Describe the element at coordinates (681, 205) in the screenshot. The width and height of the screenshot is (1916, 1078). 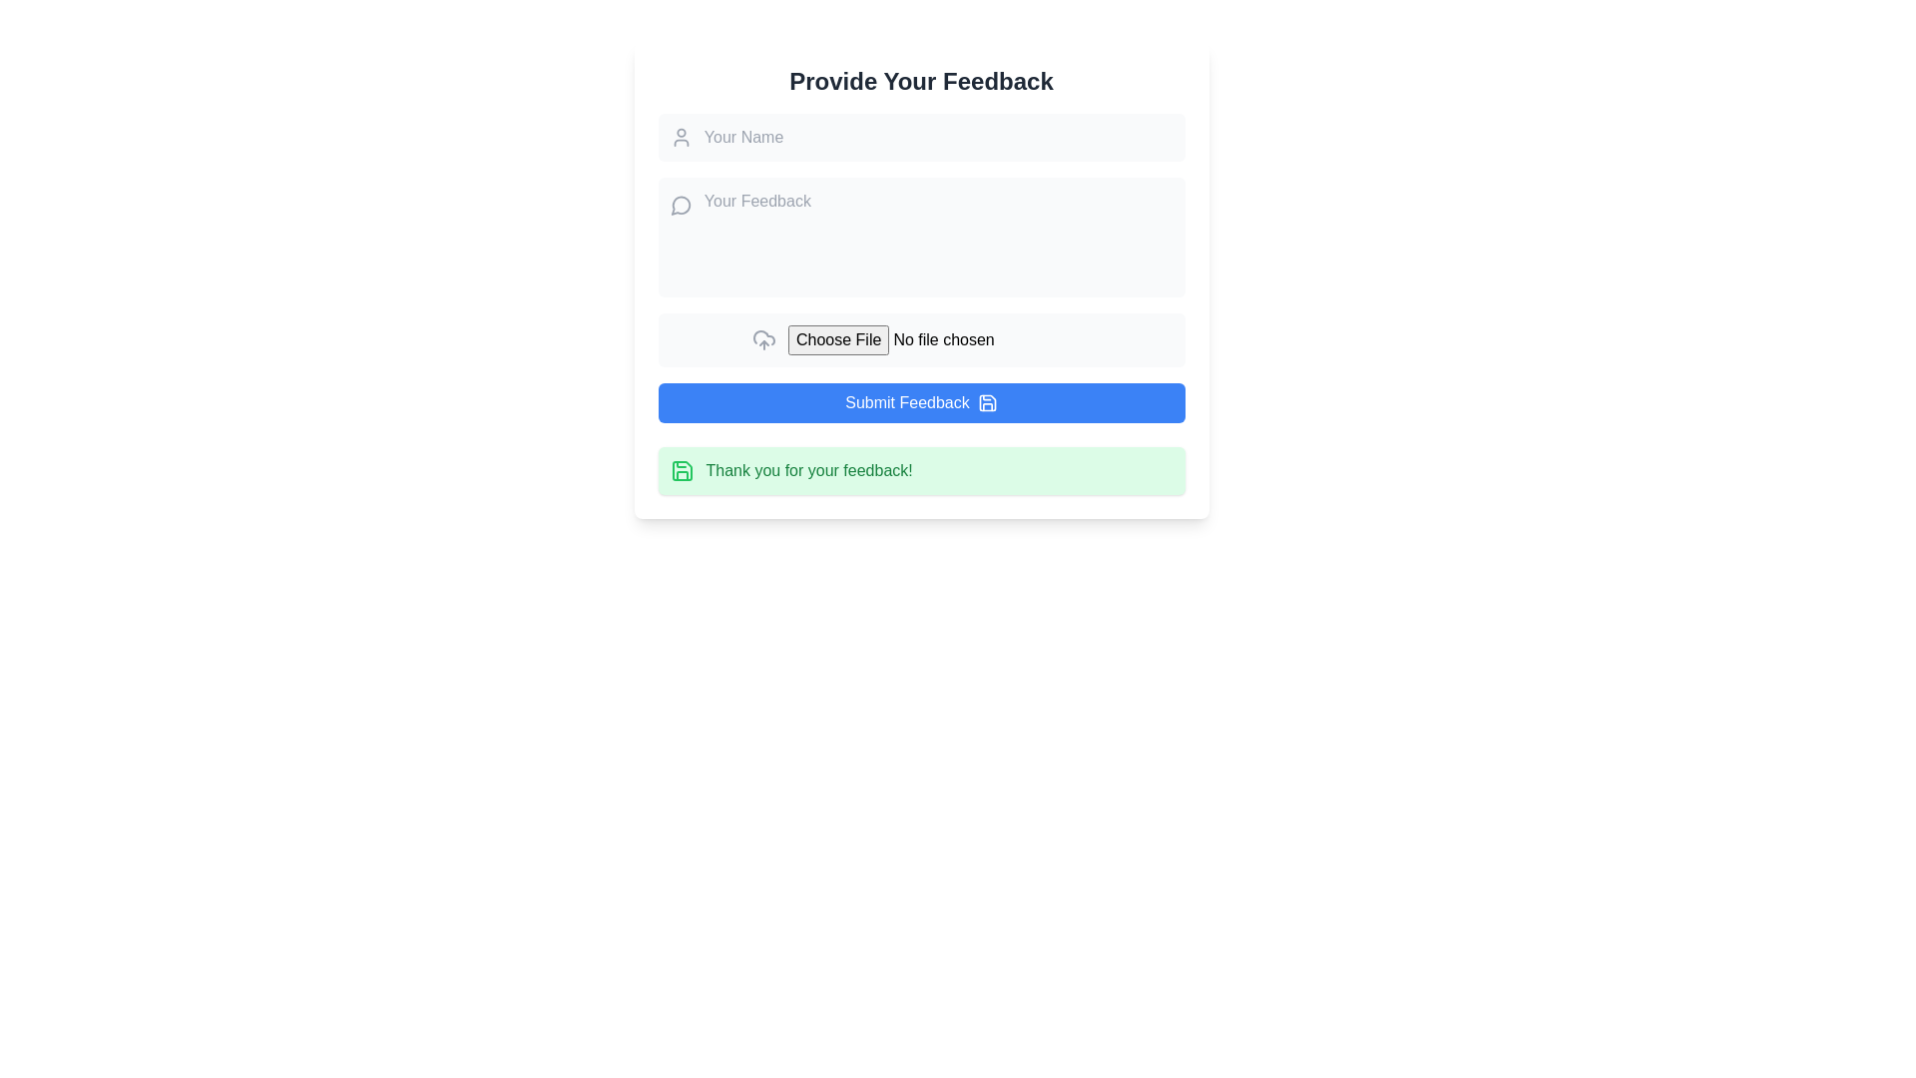
I see `the icon located to the left of the feedback text area, adjacent to the placeholder text 'Your Feedback'` at that location.